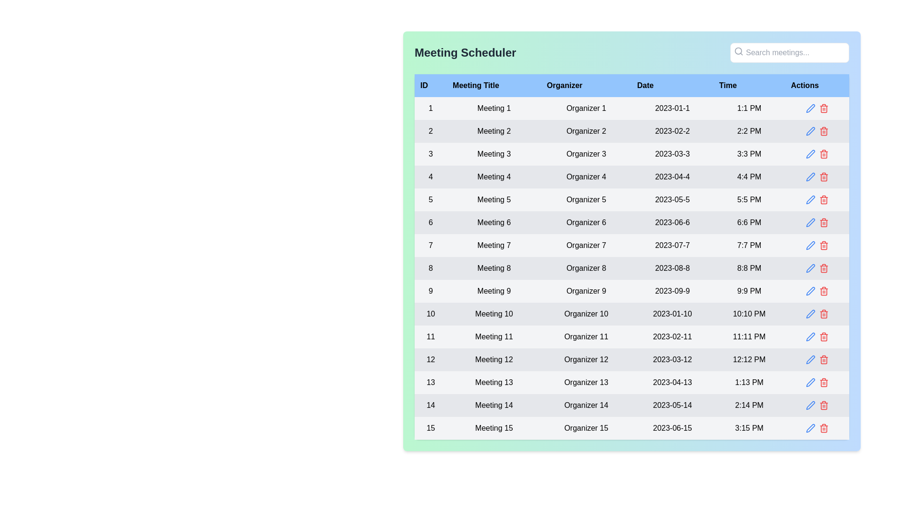 The height and width of the screenshot is (514, 914). I want to click on the text label displaying the number '5', which is bold and centered within a light gray cell in the first column of the grid layout, serving as the ID for the fifth row, so click(430, 199).